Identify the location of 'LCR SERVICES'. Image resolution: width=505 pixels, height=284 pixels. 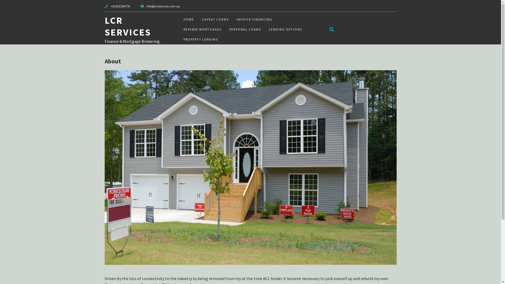
(128, 26).